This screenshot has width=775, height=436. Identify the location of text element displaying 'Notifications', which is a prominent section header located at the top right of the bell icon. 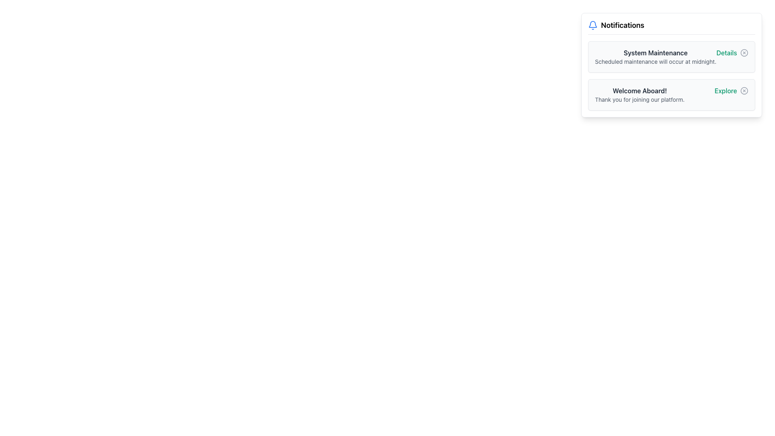
(622, 25).